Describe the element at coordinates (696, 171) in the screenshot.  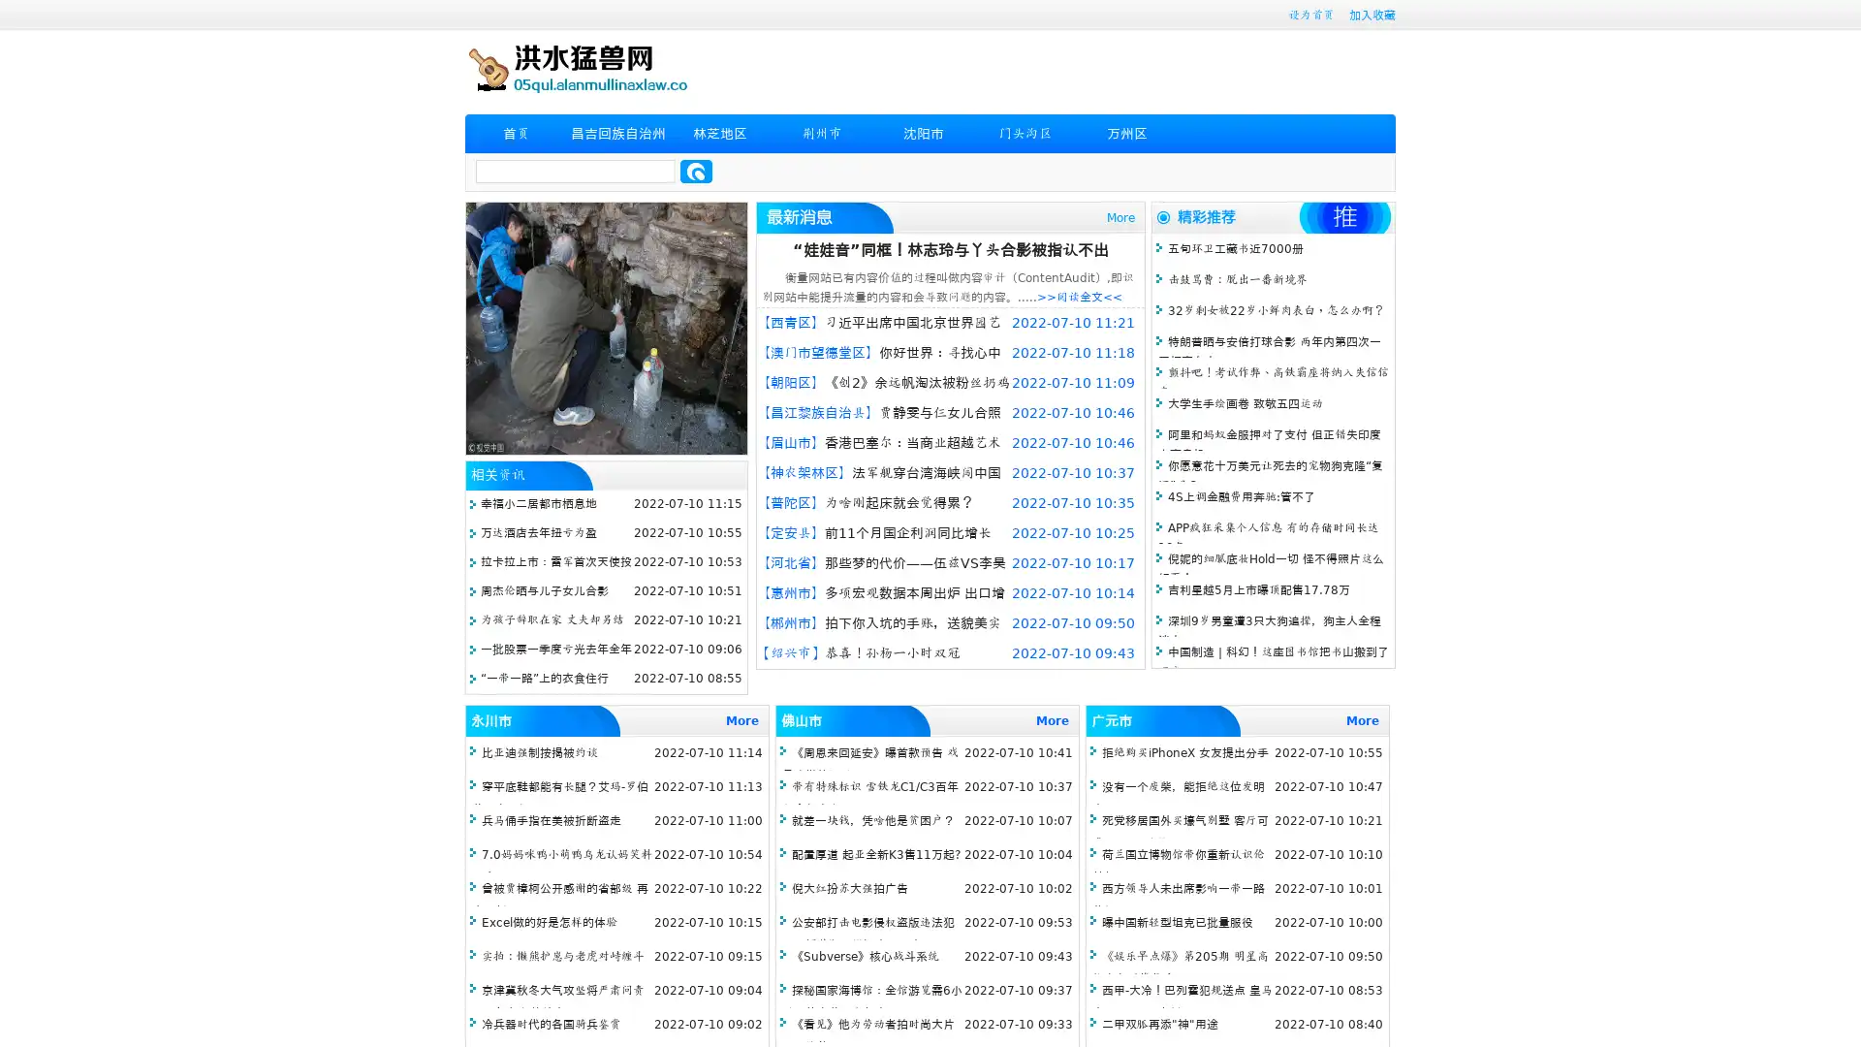
I see `Search` at that location.